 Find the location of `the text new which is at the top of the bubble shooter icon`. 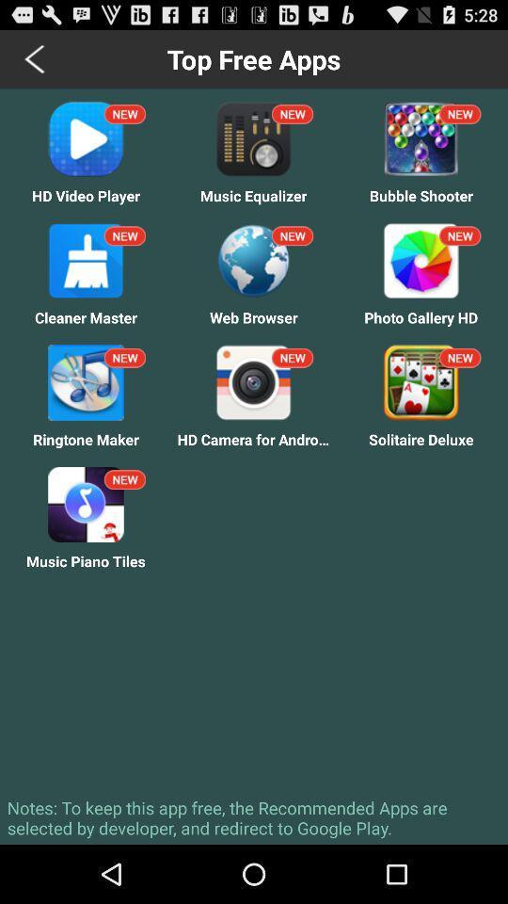

the text new which is at the top of the bubble shooter icon is located at coordinates (459, 113).